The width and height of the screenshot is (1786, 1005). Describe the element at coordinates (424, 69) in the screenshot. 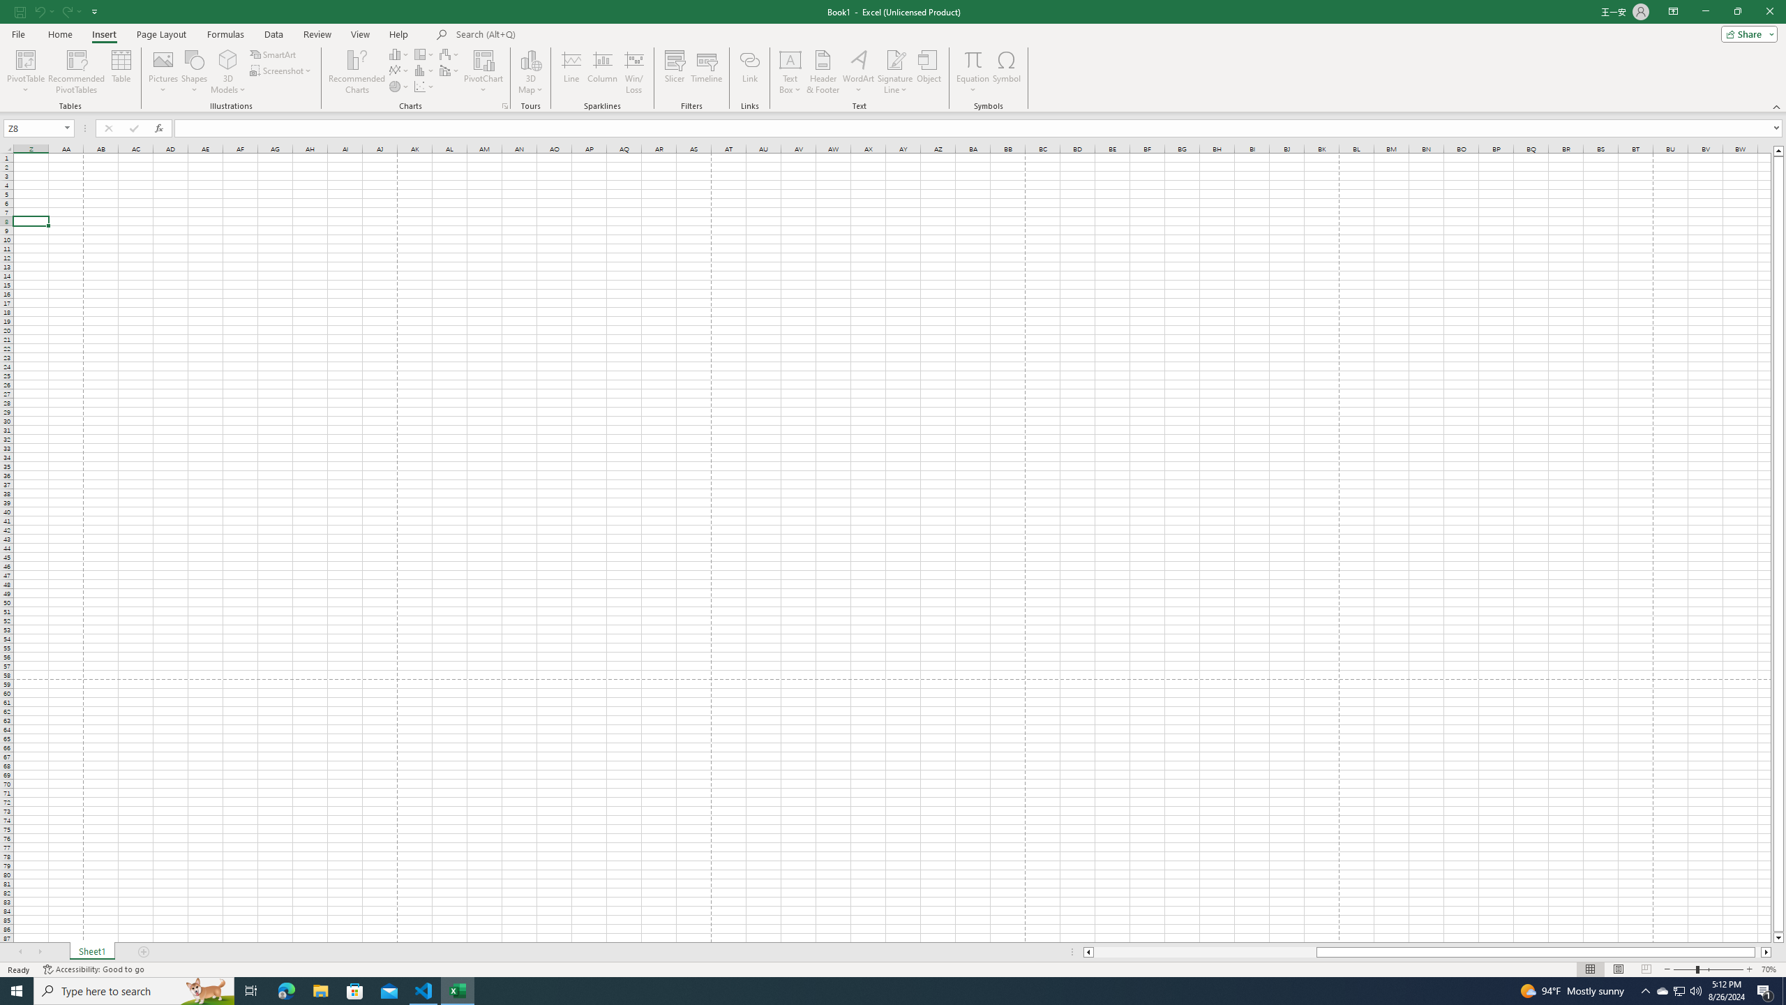

I see `'Insert Statistic Chart'` at that location.